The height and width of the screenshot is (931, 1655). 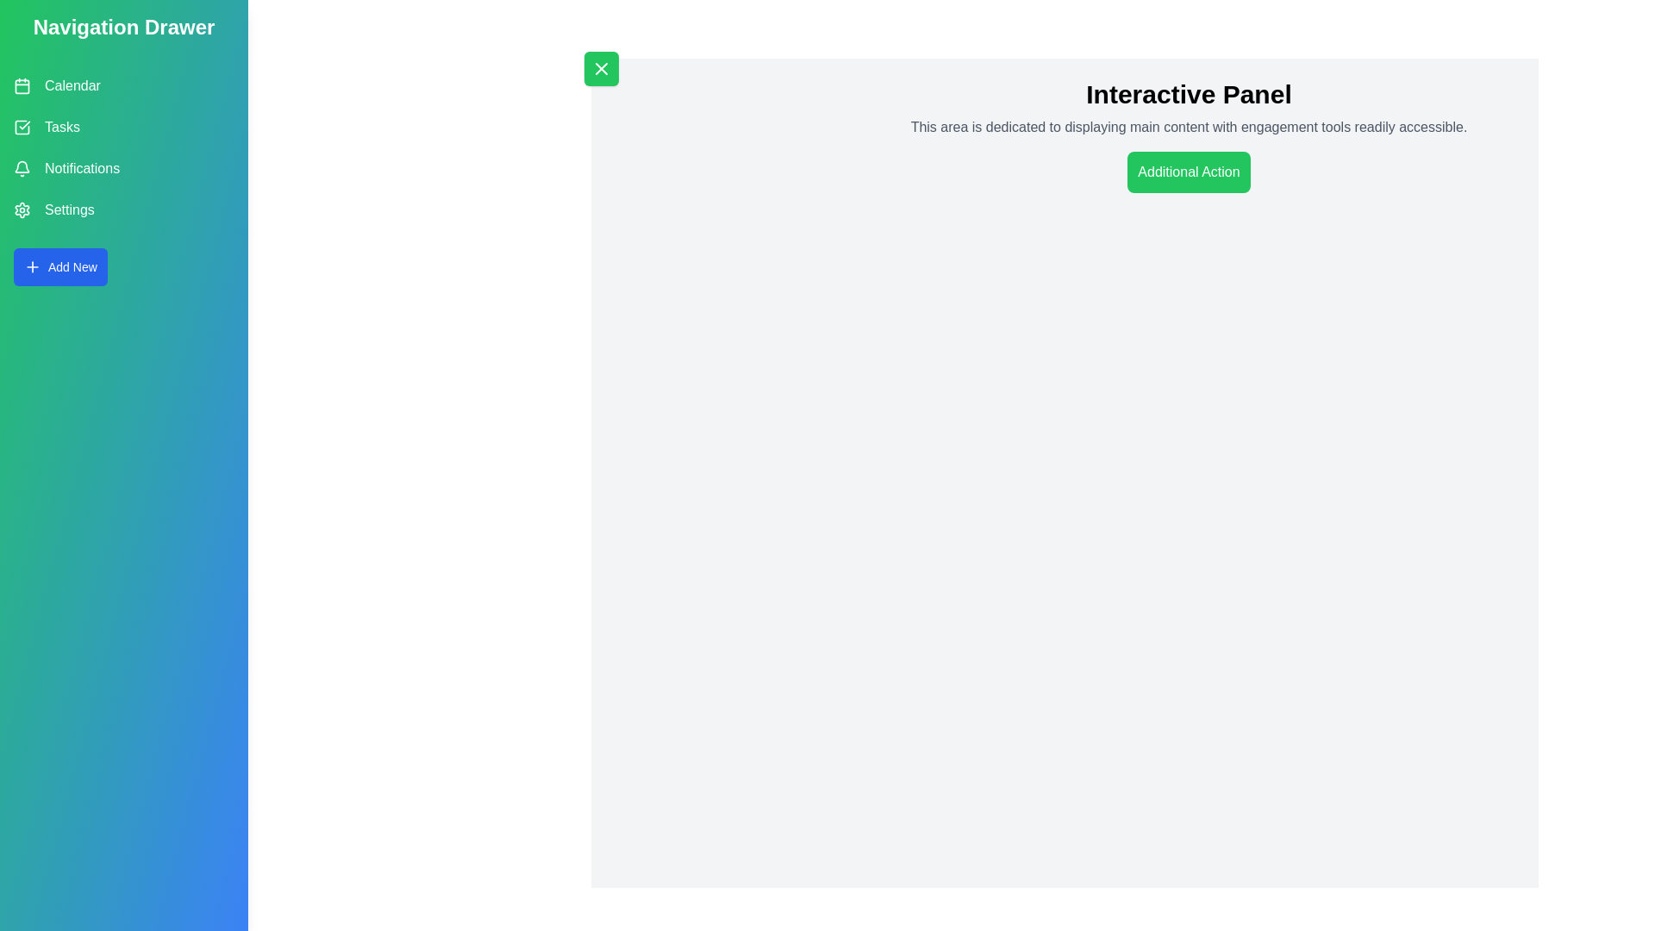 I want to click on the calendar icon located at the top of the first row in the navigation drawer, so click(x=22, y=86).